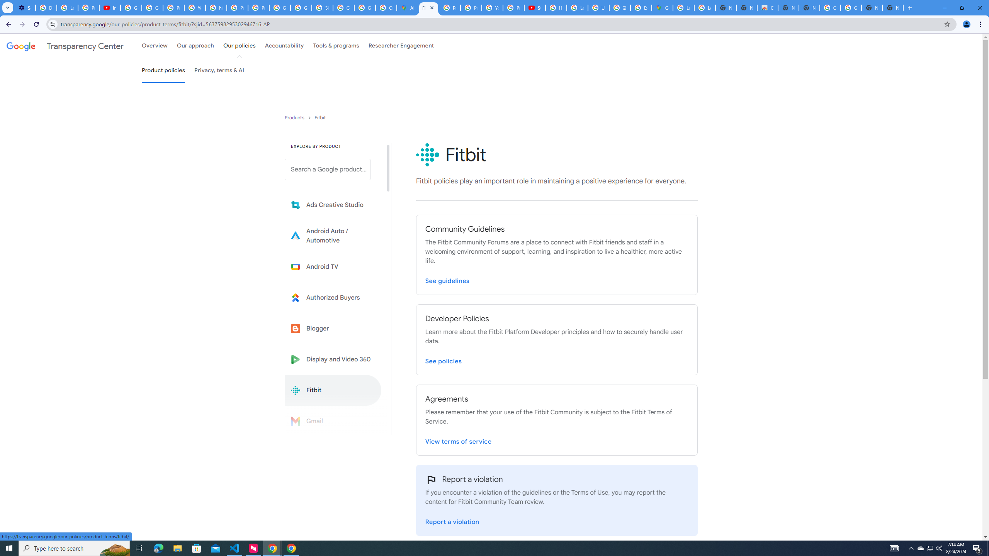 This screenshot has width=989, height=556. What do you see at coordinates (333, 420) in the screenshot?
I see `'Gmail'` at bounding box center [333, 420].